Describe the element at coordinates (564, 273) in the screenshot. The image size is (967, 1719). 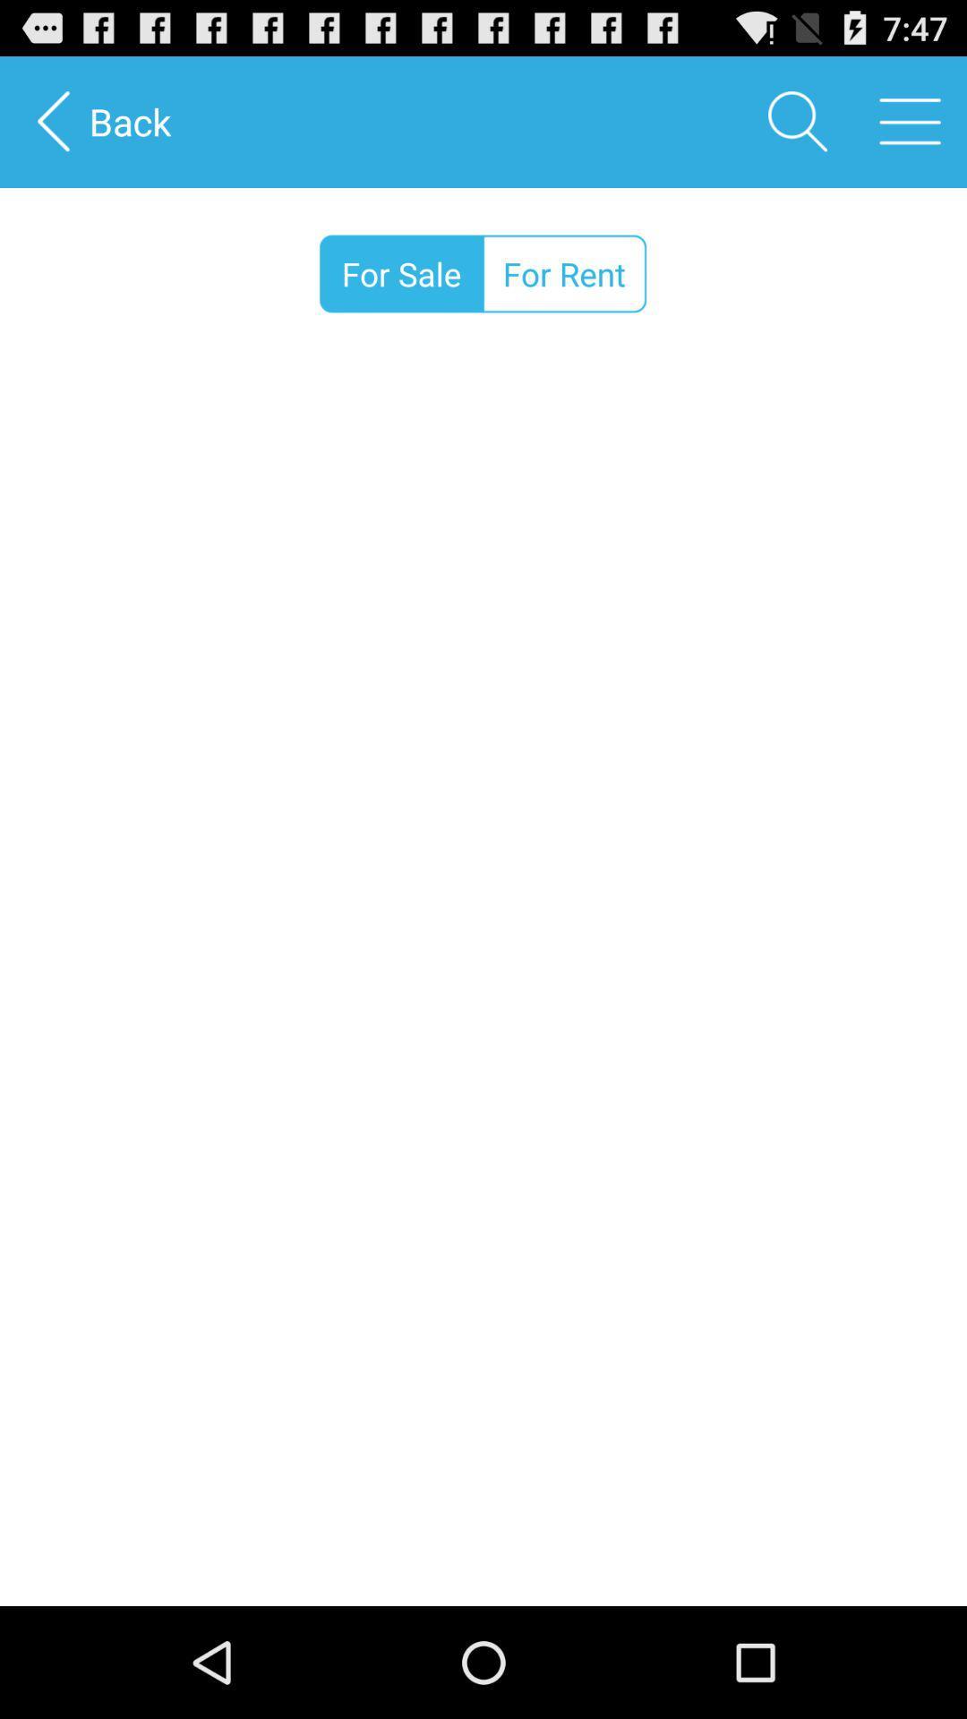
I see `for rent` at that location.